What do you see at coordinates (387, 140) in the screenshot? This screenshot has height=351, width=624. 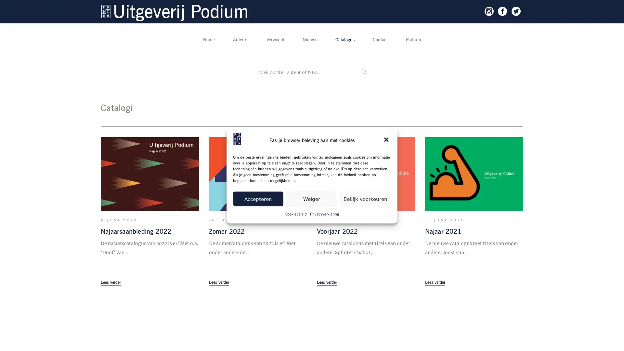 I see `close-dialog` at bounding box center [387, 140].